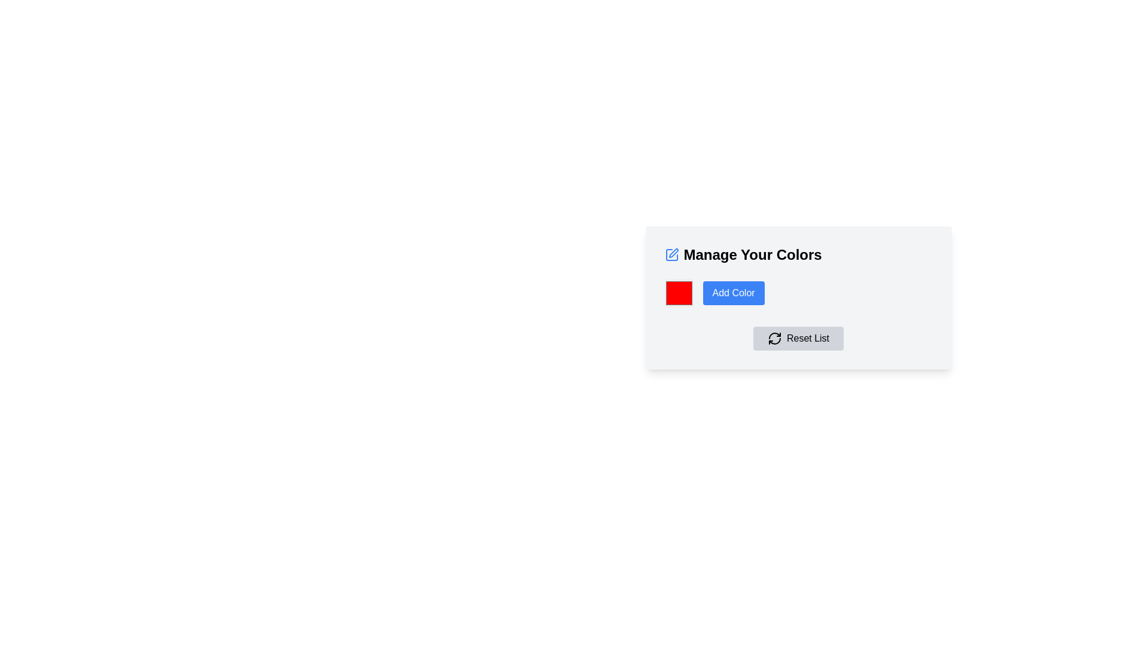 Image resolution: width=1148 pixels, height=645 pixels. Describe the element at coordinates (733, 293) in the screenshot. I see `the 'Add Color' button, which has a rounded rectangular shape with a blue background and is located in the upper-right section of the 'Manage Your Colors' interface` at that location.